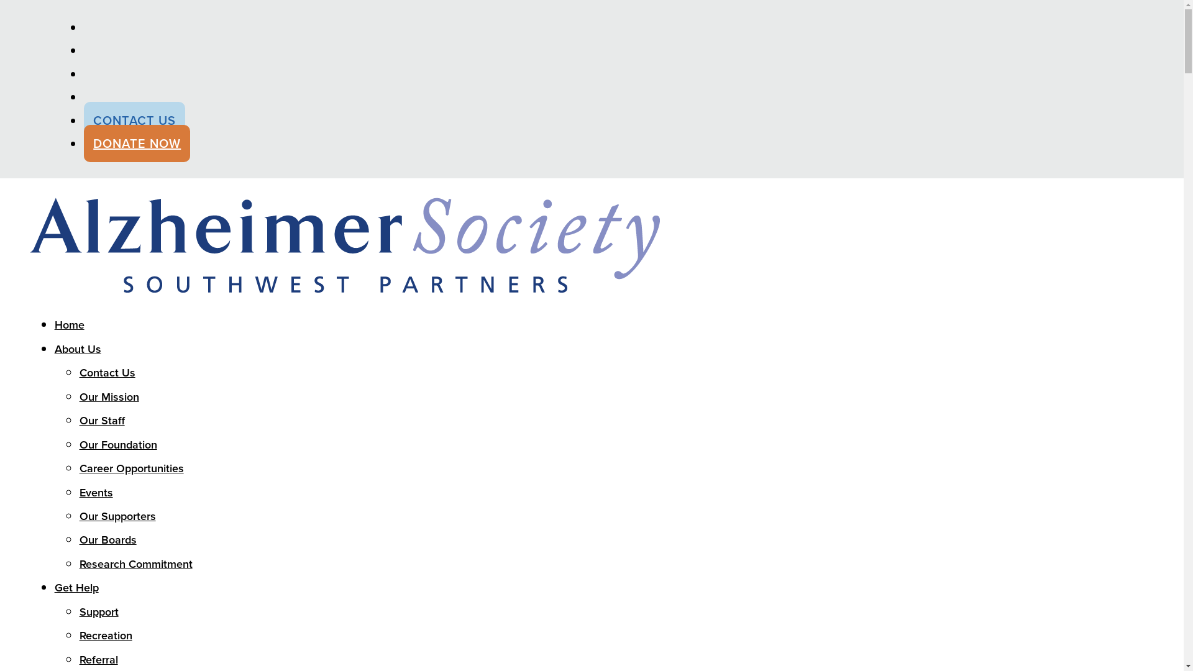 This screenshot has width=1193, height=671. Describe the element at coordinates (83, 120) in the screenshot. I see `'CONTACT US'` at that location.